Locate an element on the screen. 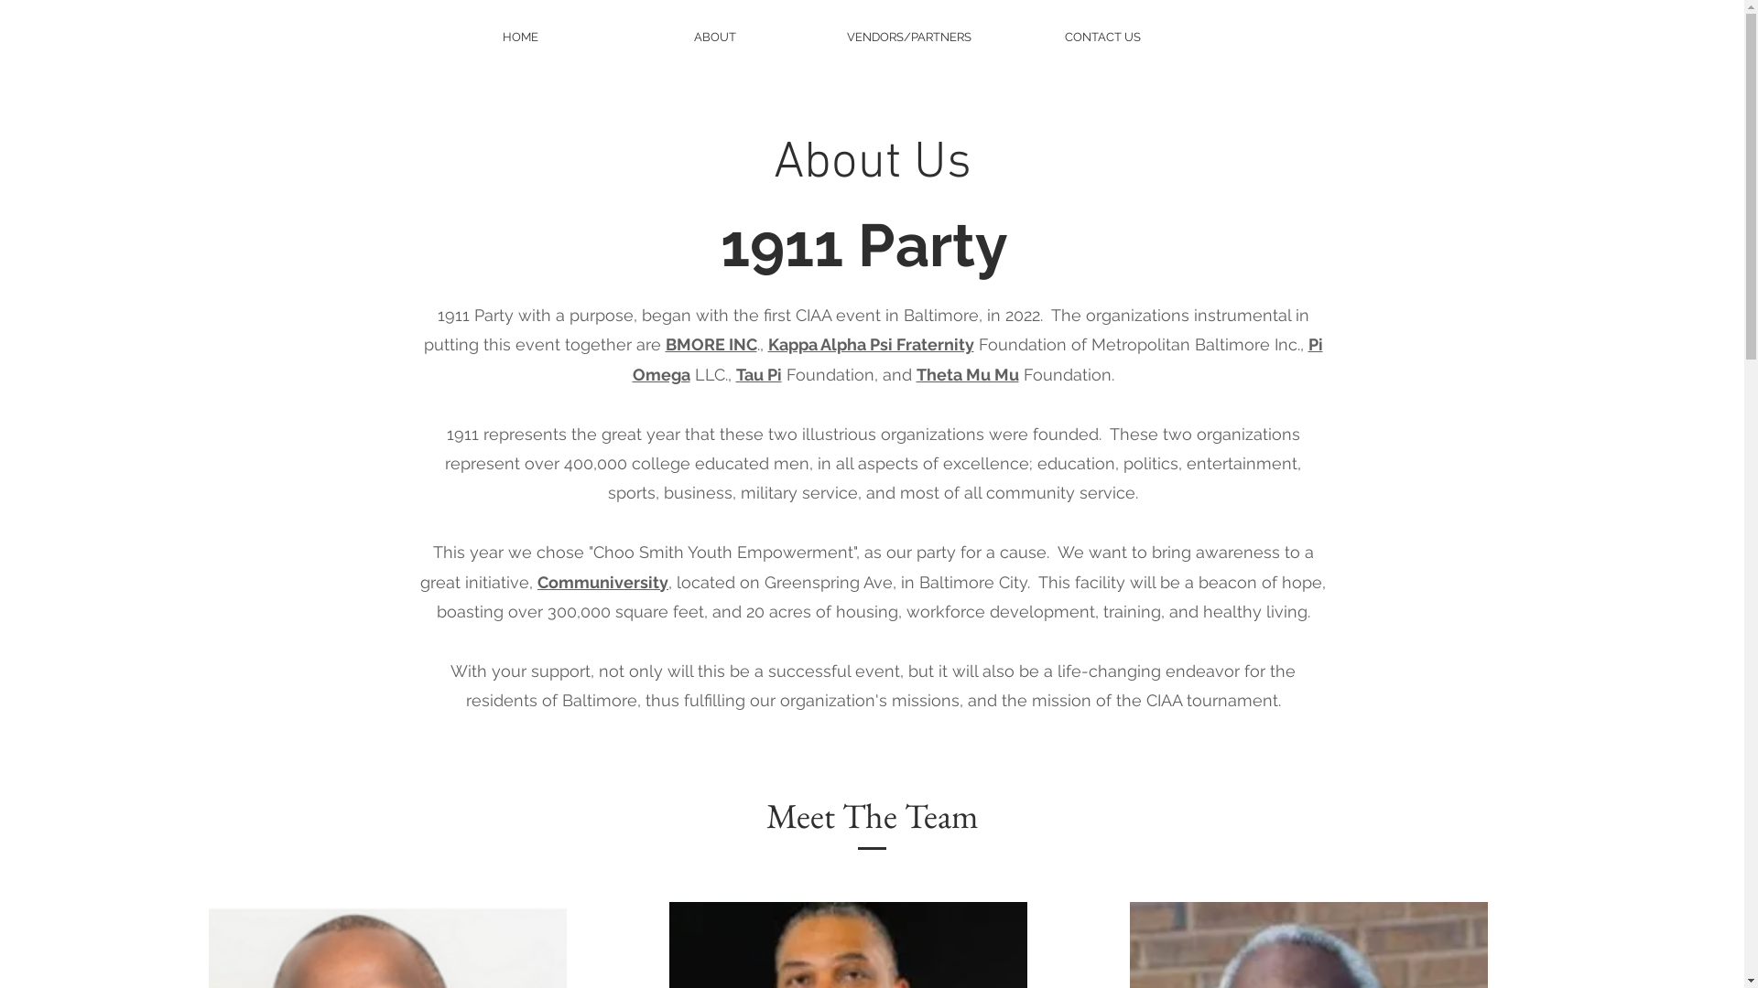 The width and height of the screenshot is (1758, 988). 'CONTACT US' is located at coordinates (1010, 37).